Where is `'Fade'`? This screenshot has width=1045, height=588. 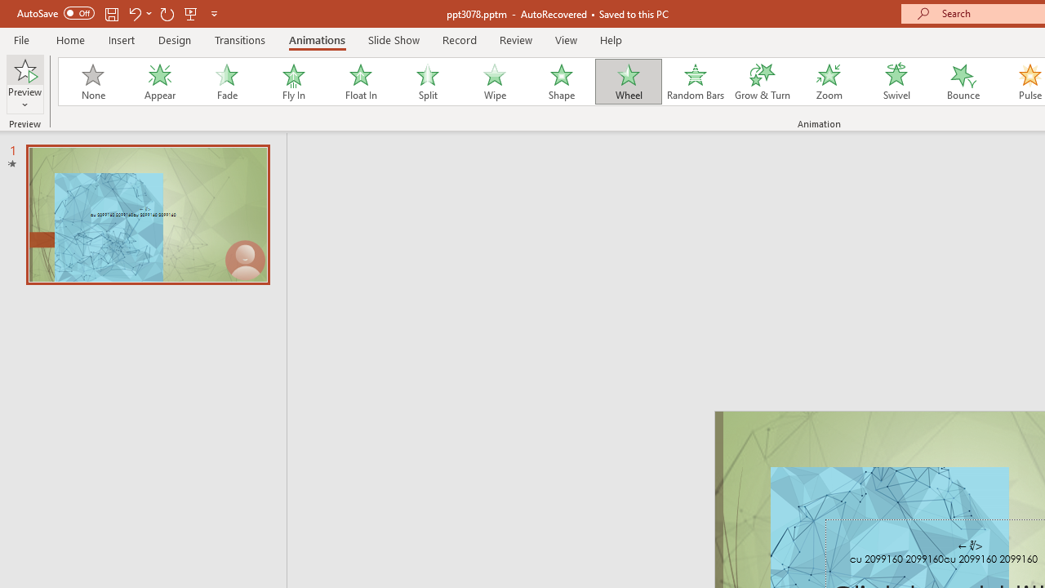 'Fade' is located at coordinates (225, 82).